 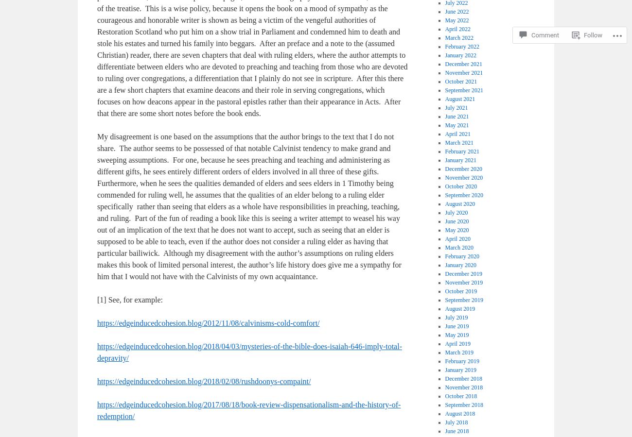 I want to click on 'Follow', so click(x=593, y=34).